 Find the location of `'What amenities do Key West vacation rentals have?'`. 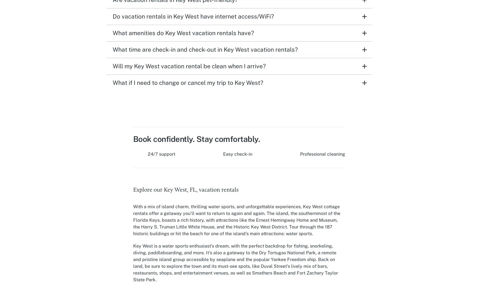

'What amenities do Key West vacation rentals have?' is located at coordinates (183, 32).